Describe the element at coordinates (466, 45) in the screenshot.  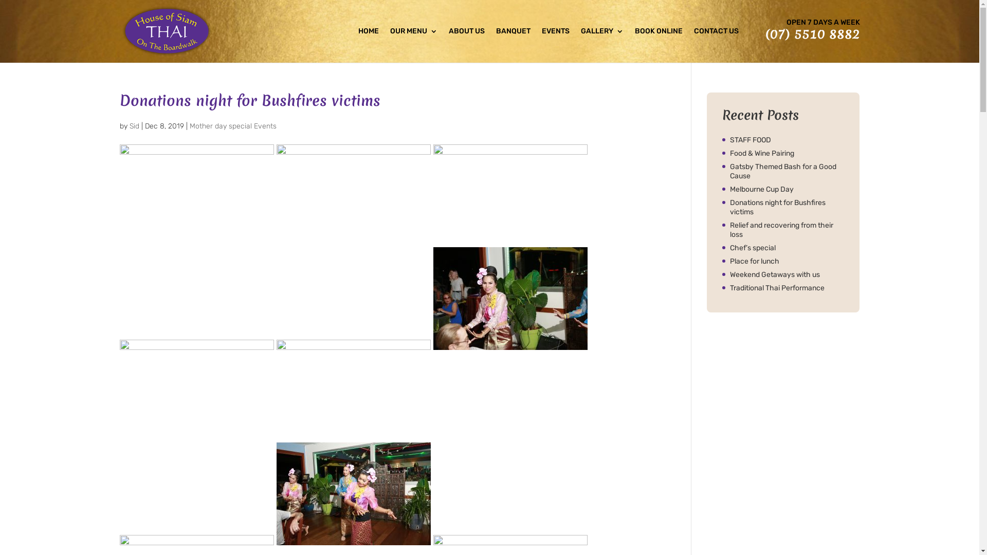
I see `'ABOUT US'` at that location.